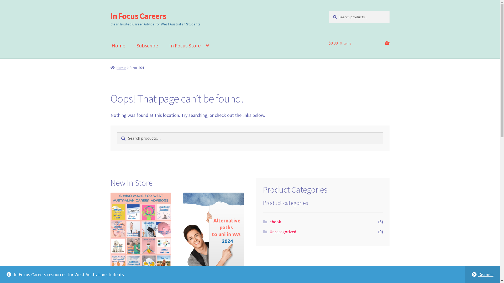 Image resolution: width=504 pixels, height=283 pixels. I want to click on 'Search', so click(328, 11).